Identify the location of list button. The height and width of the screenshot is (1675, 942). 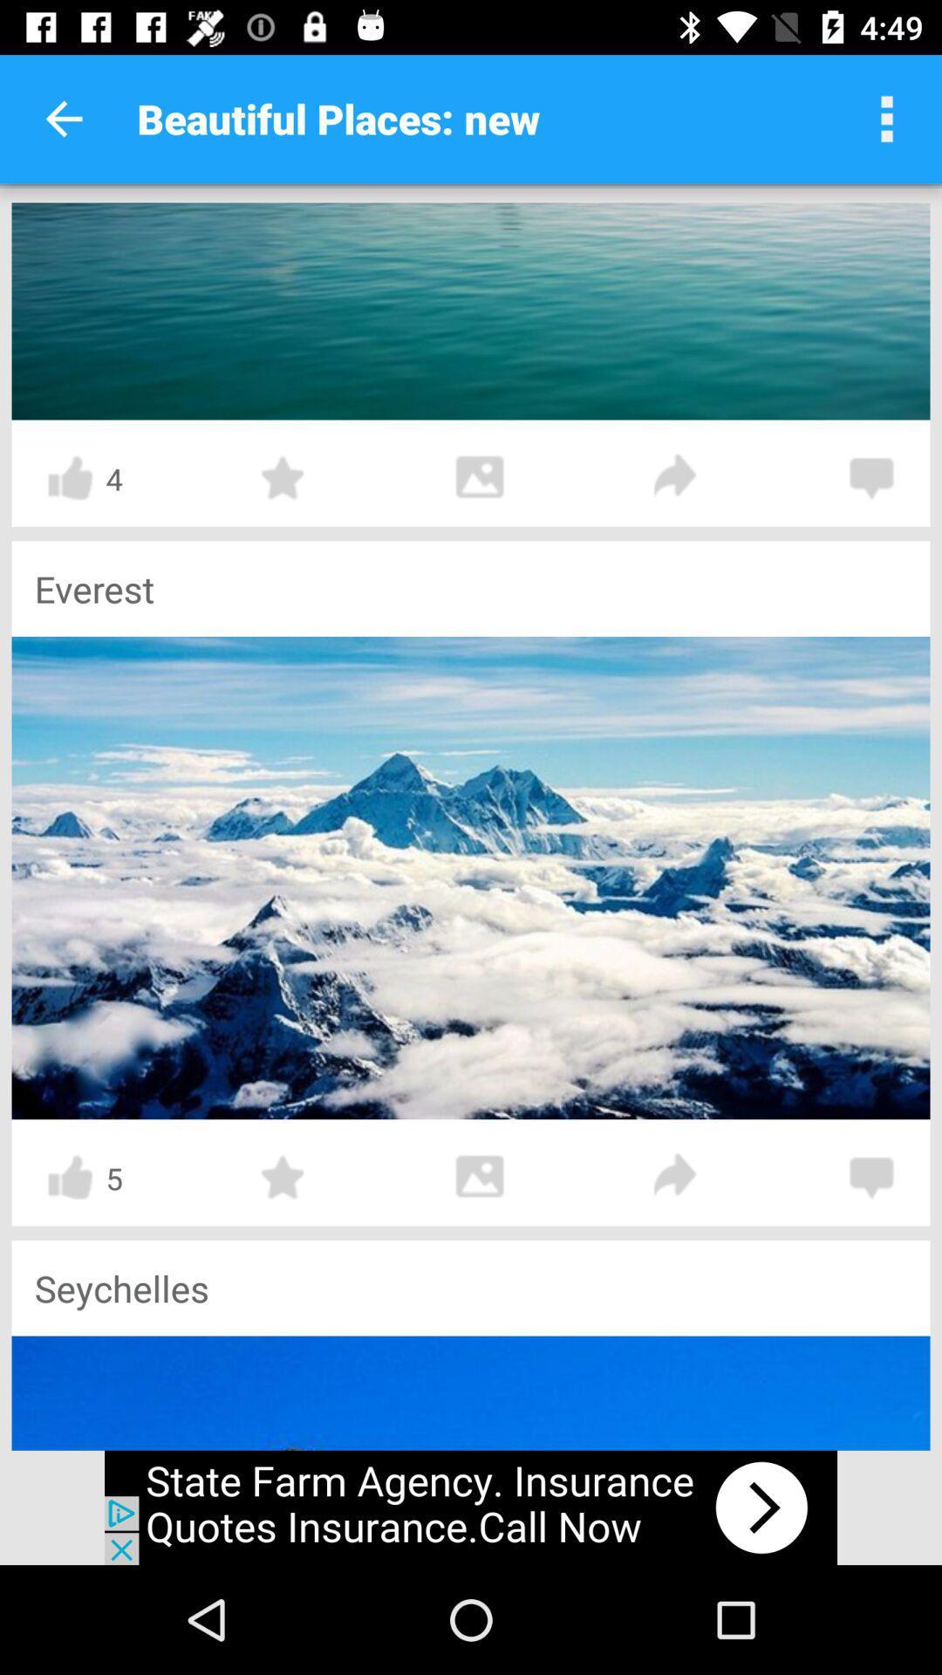
(887, 118).